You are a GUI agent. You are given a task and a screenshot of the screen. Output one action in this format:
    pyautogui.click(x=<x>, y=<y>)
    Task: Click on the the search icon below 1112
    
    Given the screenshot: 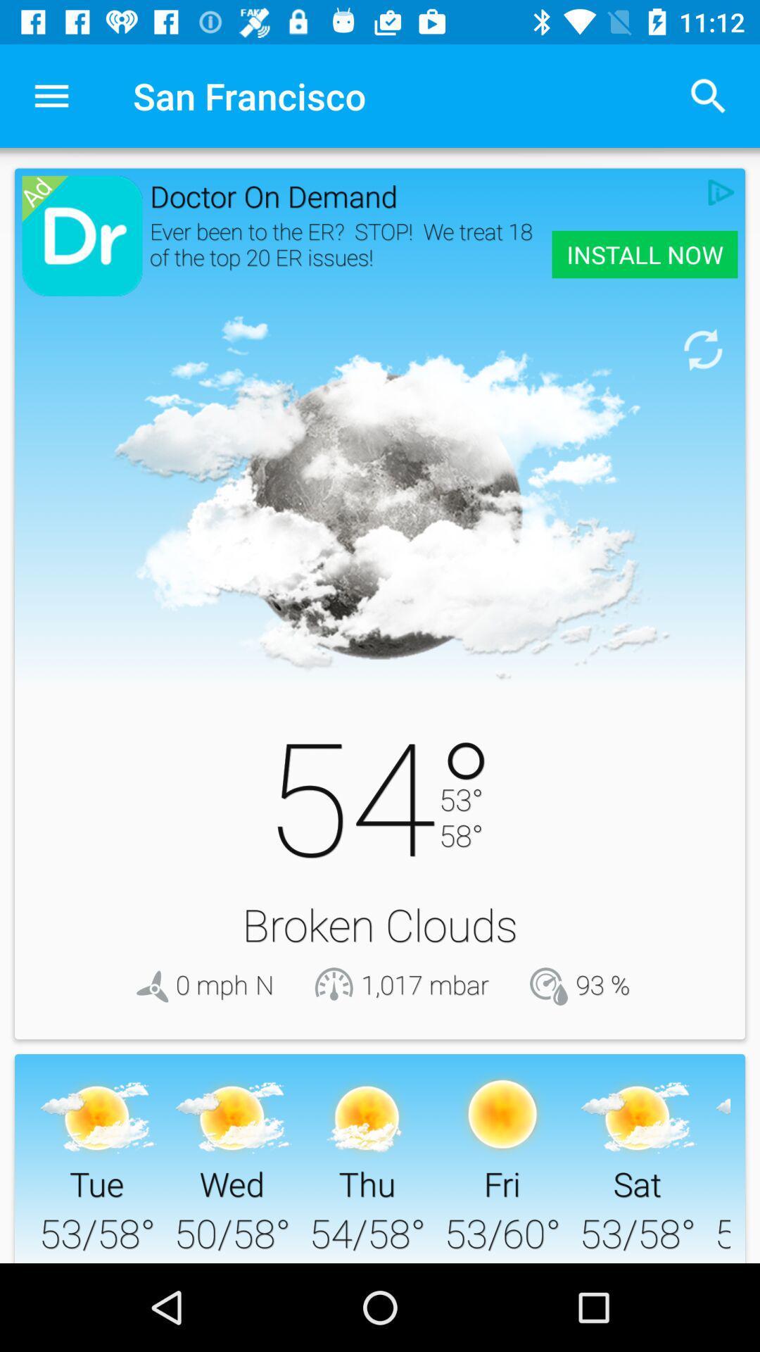 What is the action you would take?
    pyautogui.click(x=708, y=96)
    